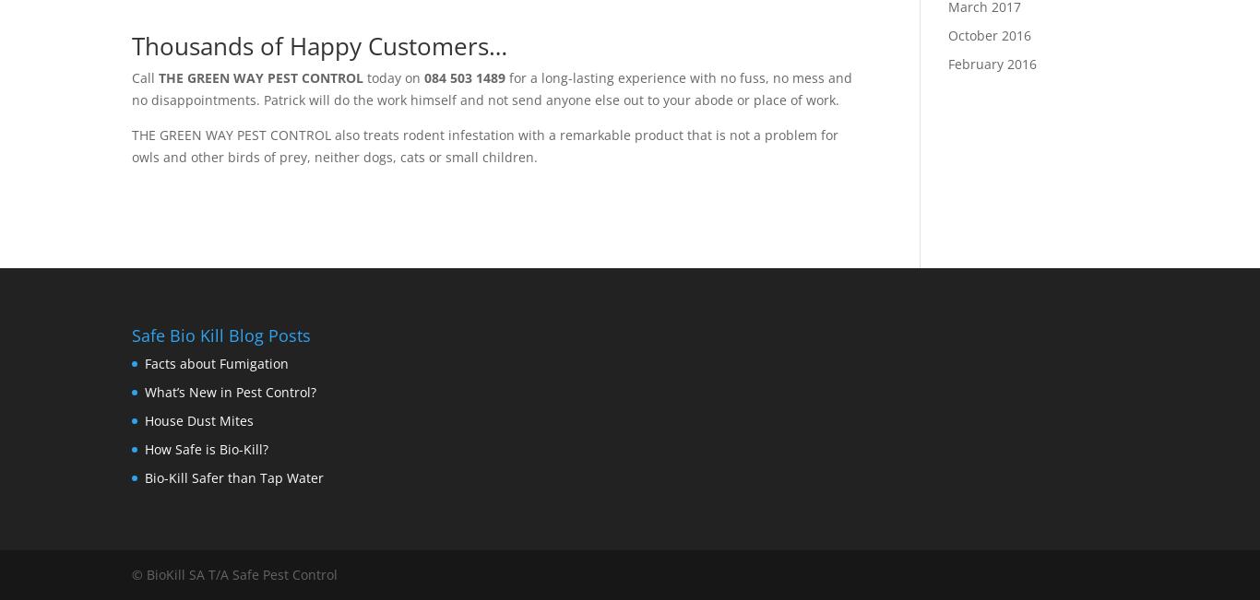  I want to click on 'Facts about Fumigation', so click(216, 362).